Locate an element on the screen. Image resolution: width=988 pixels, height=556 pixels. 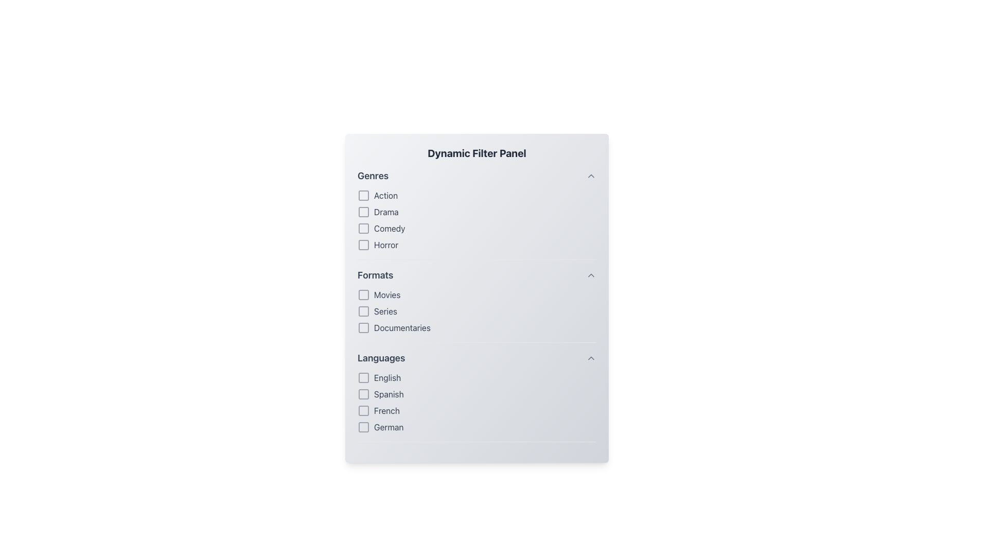
the 'Languages' text label, which is a bold dark gray font element in the Dynamic Filter Panel, positioned below the Formats filter section is located at coordinates (381, 357).